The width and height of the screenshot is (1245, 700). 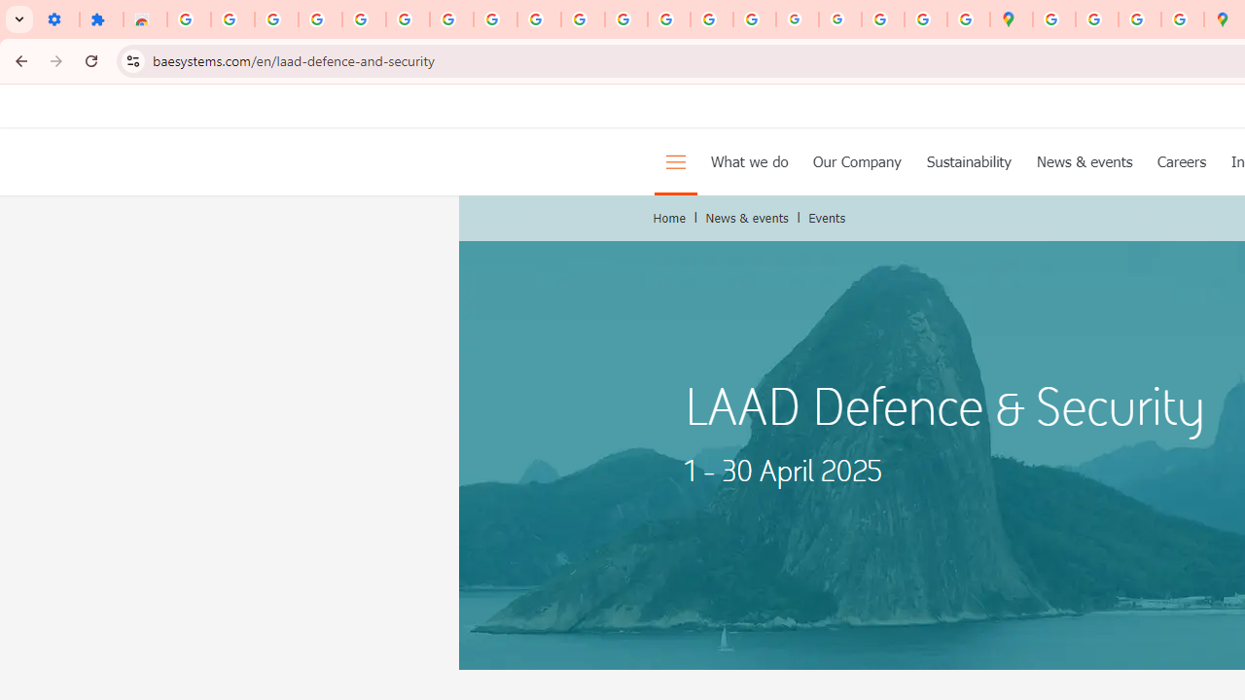 I want to click on 'Home', so click(x=669, y=217).